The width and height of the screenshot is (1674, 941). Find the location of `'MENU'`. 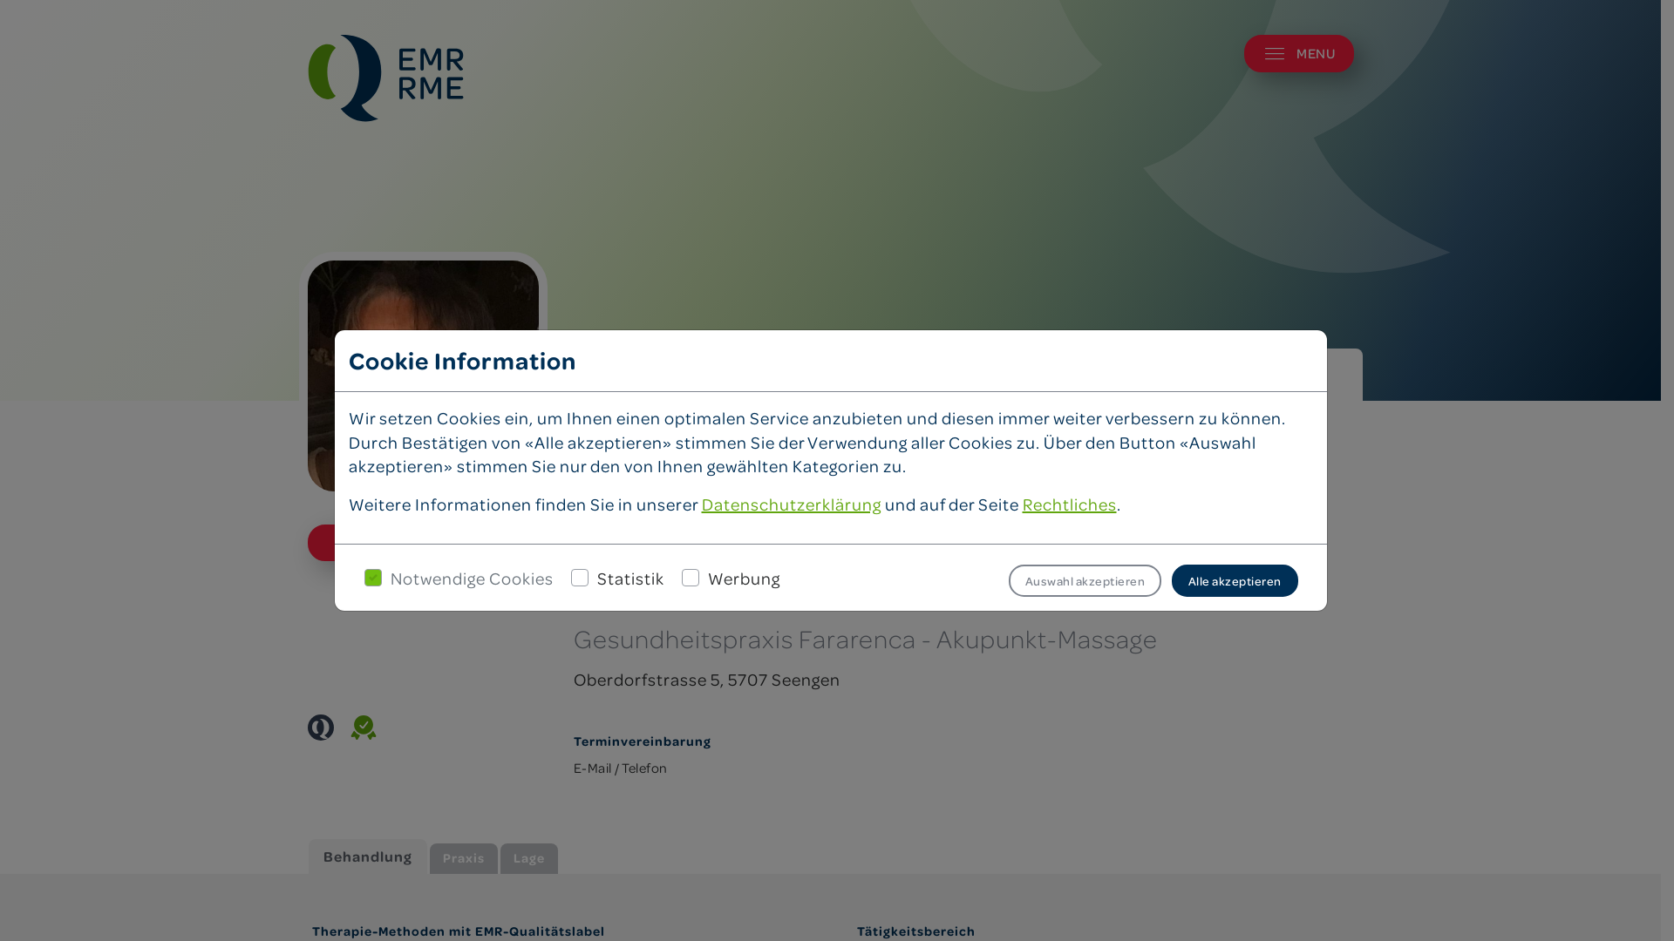

'MENU' is located at coordinates (1298, 52).